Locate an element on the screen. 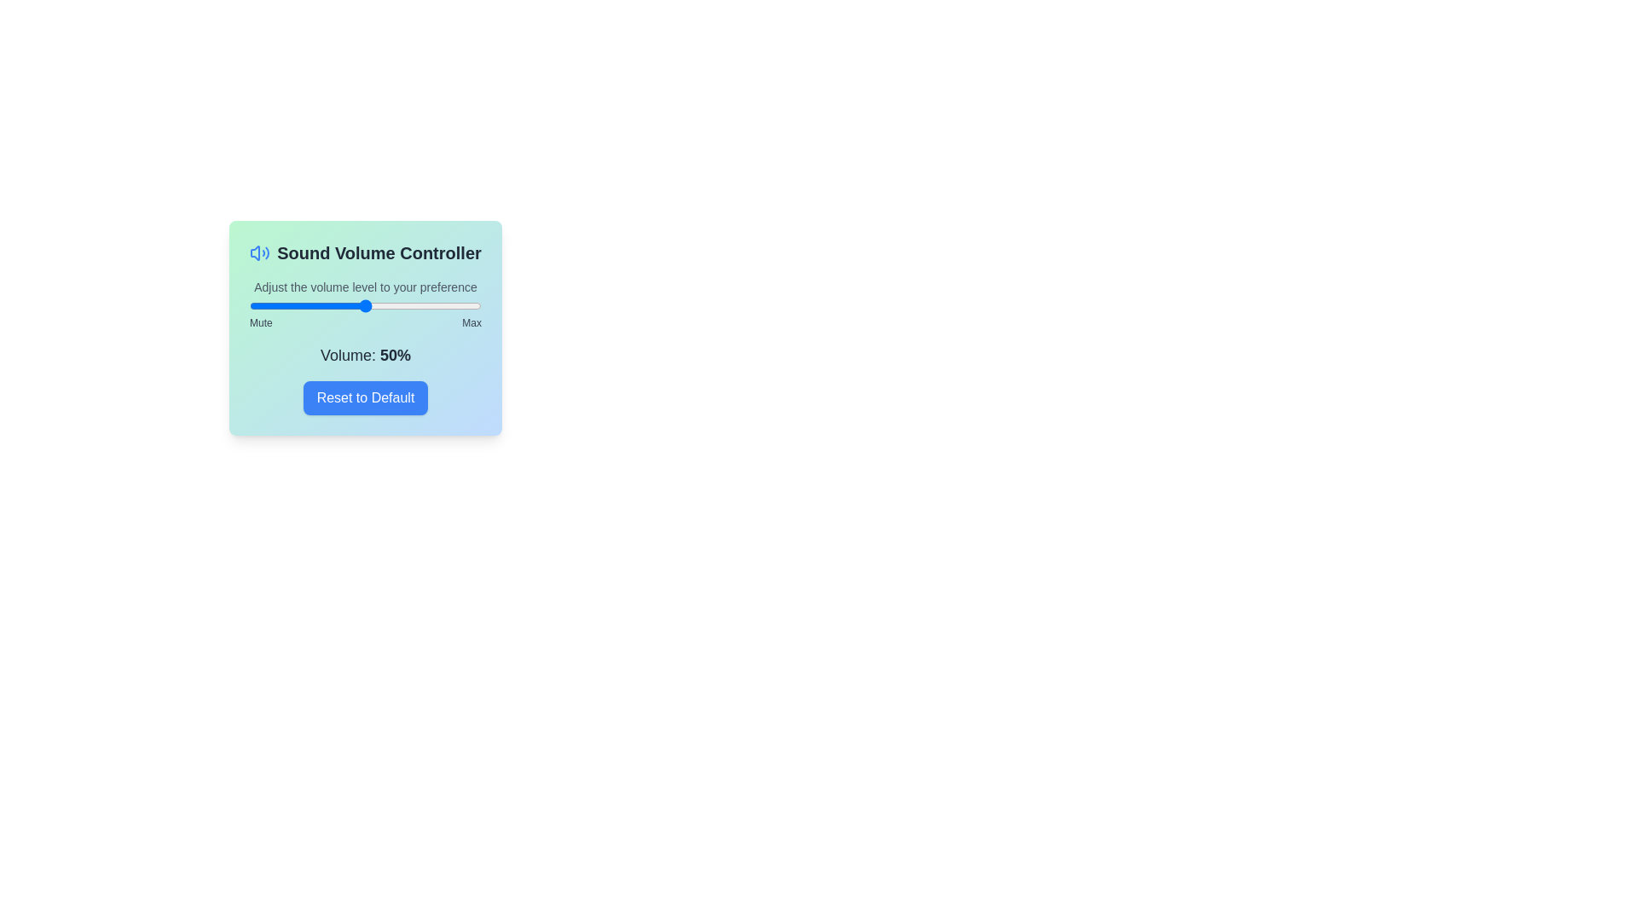 The width and height of the screenshot is (1637, 921). the label Mute to interact with it is located at coordinates (260, 322).